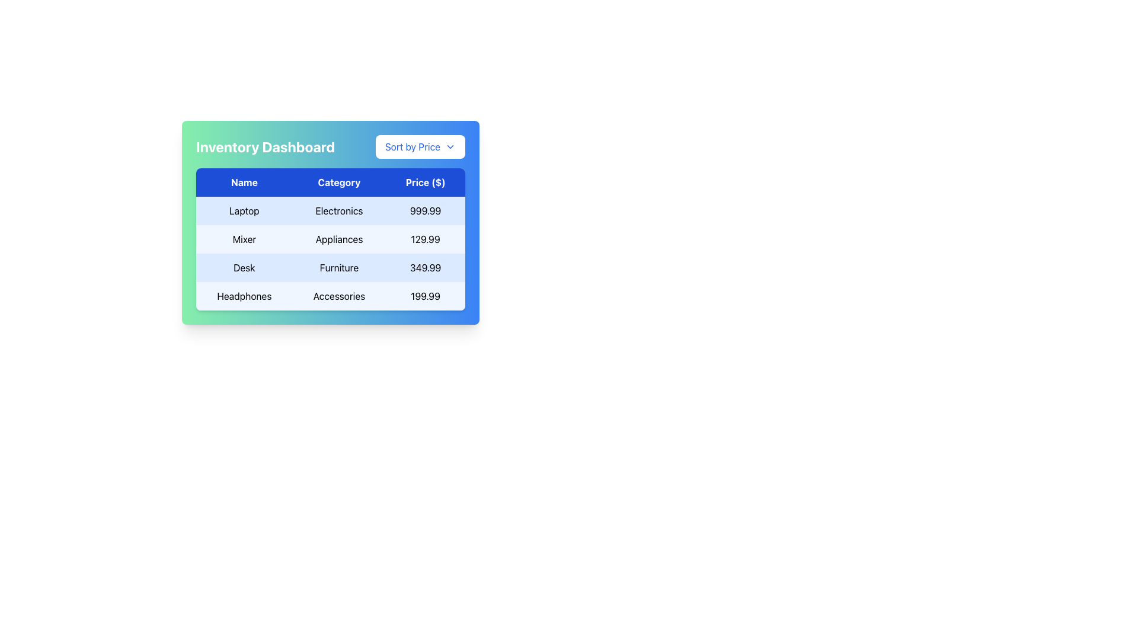 This screenshot has height=640, width=1138. I want to click on the text label displaying 'Appliances' in a table on the 'Inventory Dashboard', which is the second column in the second row, centered within its cell, so click(338, 239).